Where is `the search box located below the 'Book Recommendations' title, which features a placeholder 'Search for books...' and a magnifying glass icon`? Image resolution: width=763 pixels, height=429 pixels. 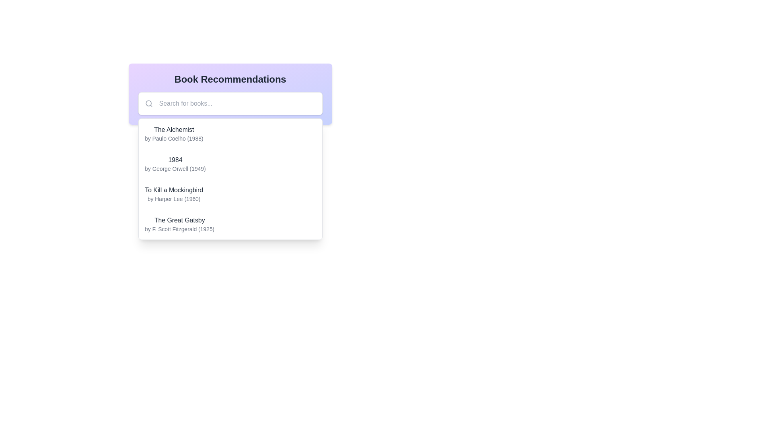
the search box located below the 'Book Recommendations' title, which features a placeholder 'Search for books...' and a magnifying glass icon is located at coordinates (230, 93).